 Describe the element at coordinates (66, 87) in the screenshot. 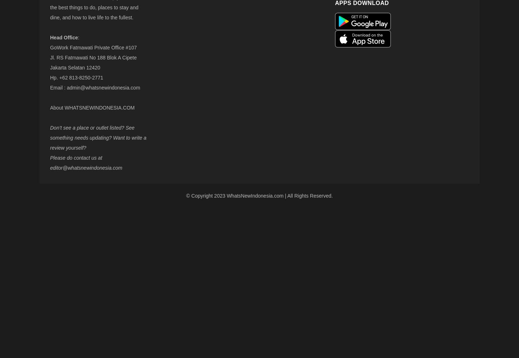

I see `'admin@whatsnewindonesia.com'` at that location.